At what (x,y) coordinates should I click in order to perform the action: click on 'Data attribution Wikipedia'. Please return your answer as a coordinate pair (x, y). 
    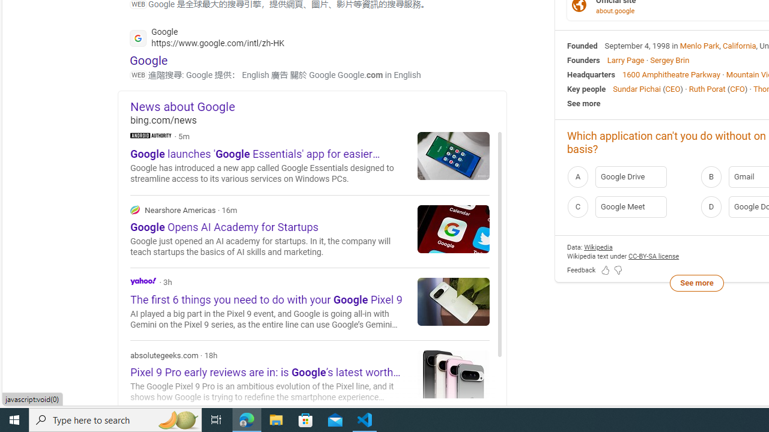
    Looking at the image, I should click on (598, 246).